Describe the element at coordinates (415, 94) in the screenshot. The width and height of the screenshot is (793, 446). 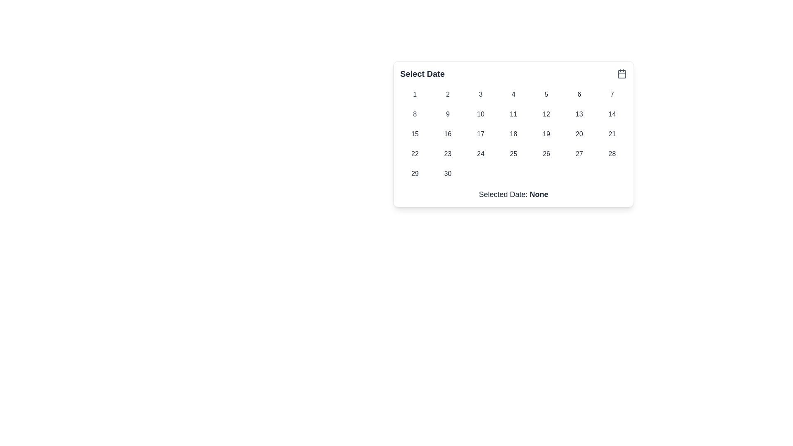
I see `the first button in the calendar grid` at that location.